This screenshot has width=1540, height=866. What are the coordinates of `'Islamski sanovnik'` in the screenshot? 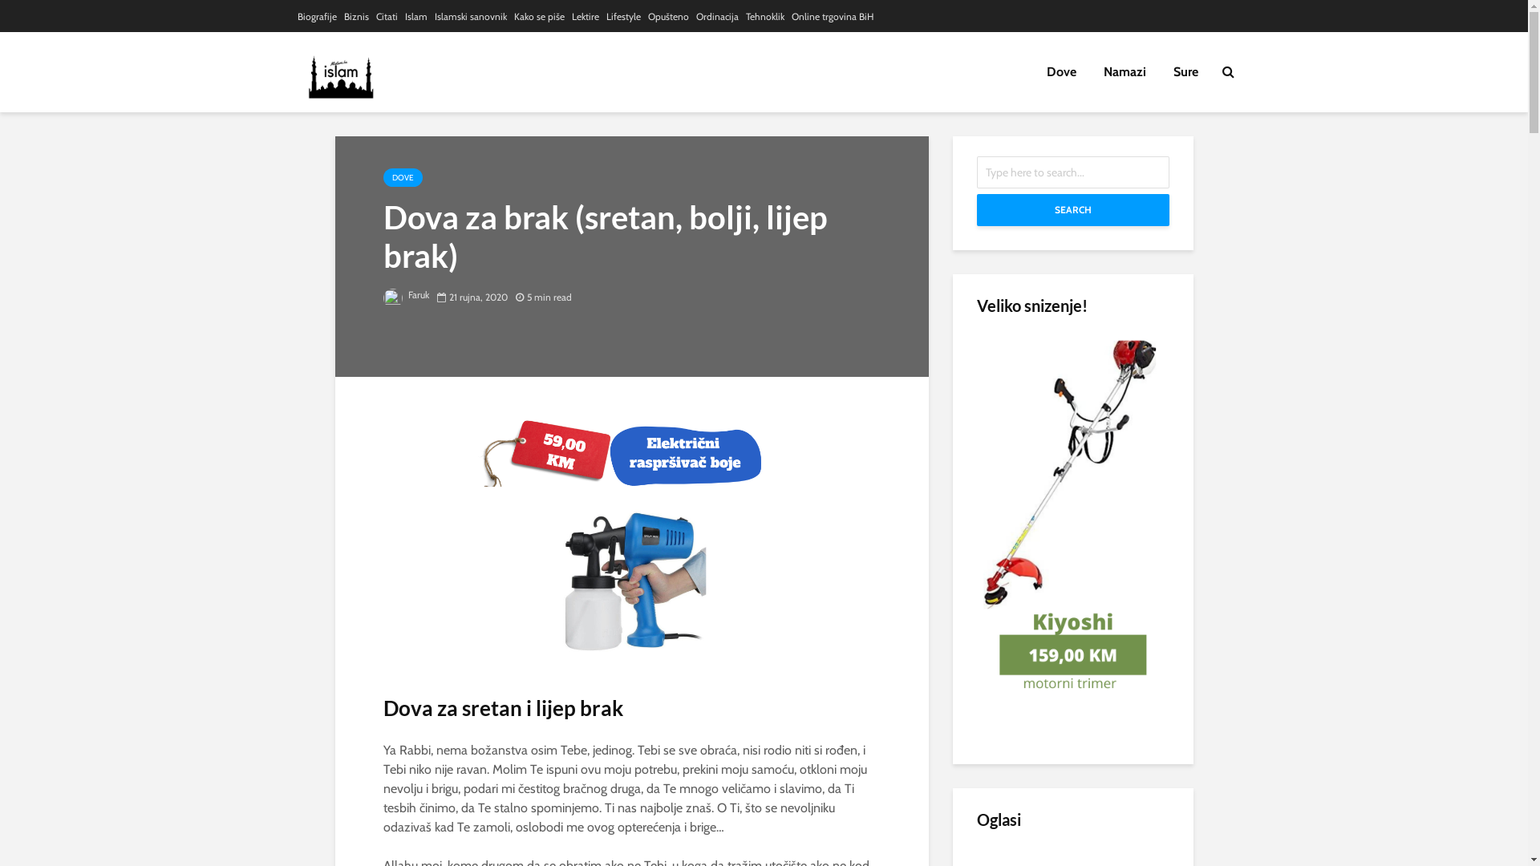 It's located at (469, 16).